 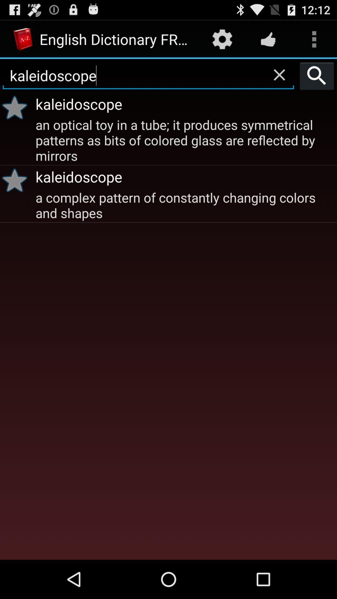 I want to click on the icon to the left of kaleidoscope app, so click(x=17, y=107).